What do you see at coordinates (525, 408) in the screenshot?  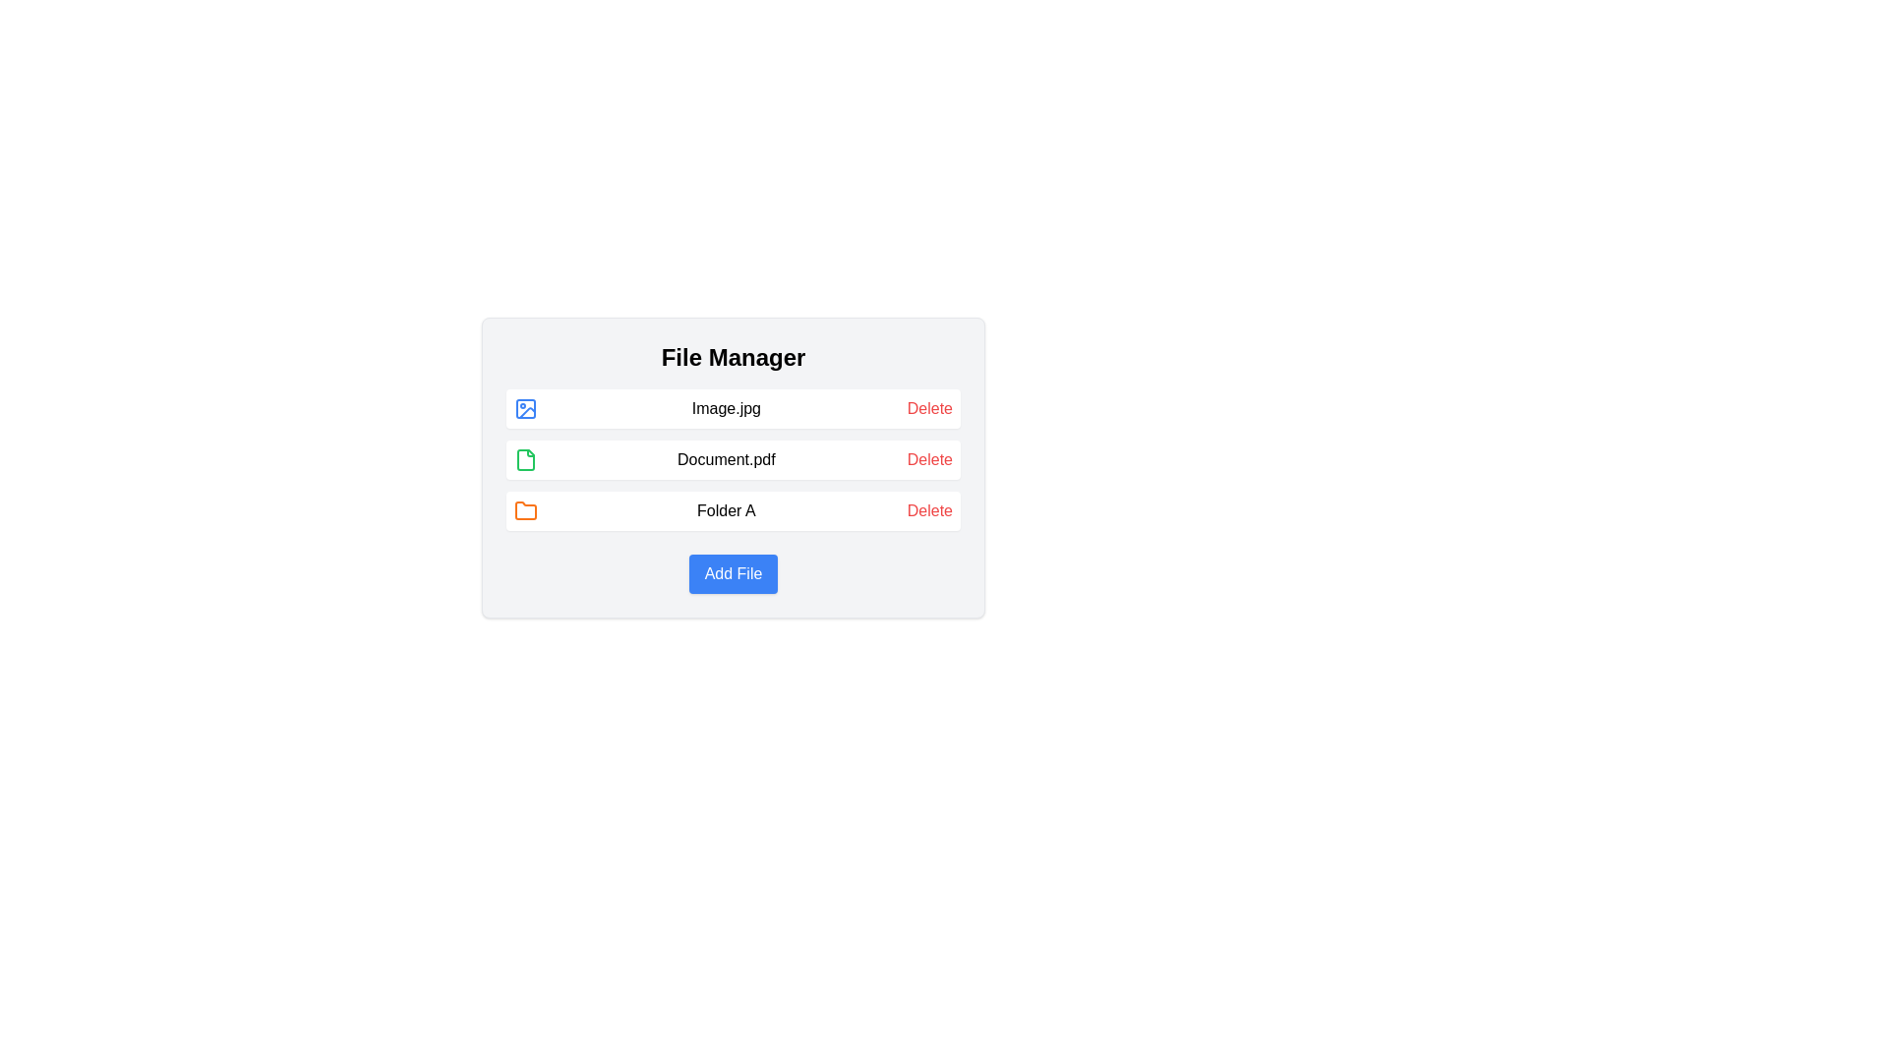 I see `the icon representing the image file 'Image.jpg' in the 'File Manager' section as a static decoration` at bounding box center [525, 408].